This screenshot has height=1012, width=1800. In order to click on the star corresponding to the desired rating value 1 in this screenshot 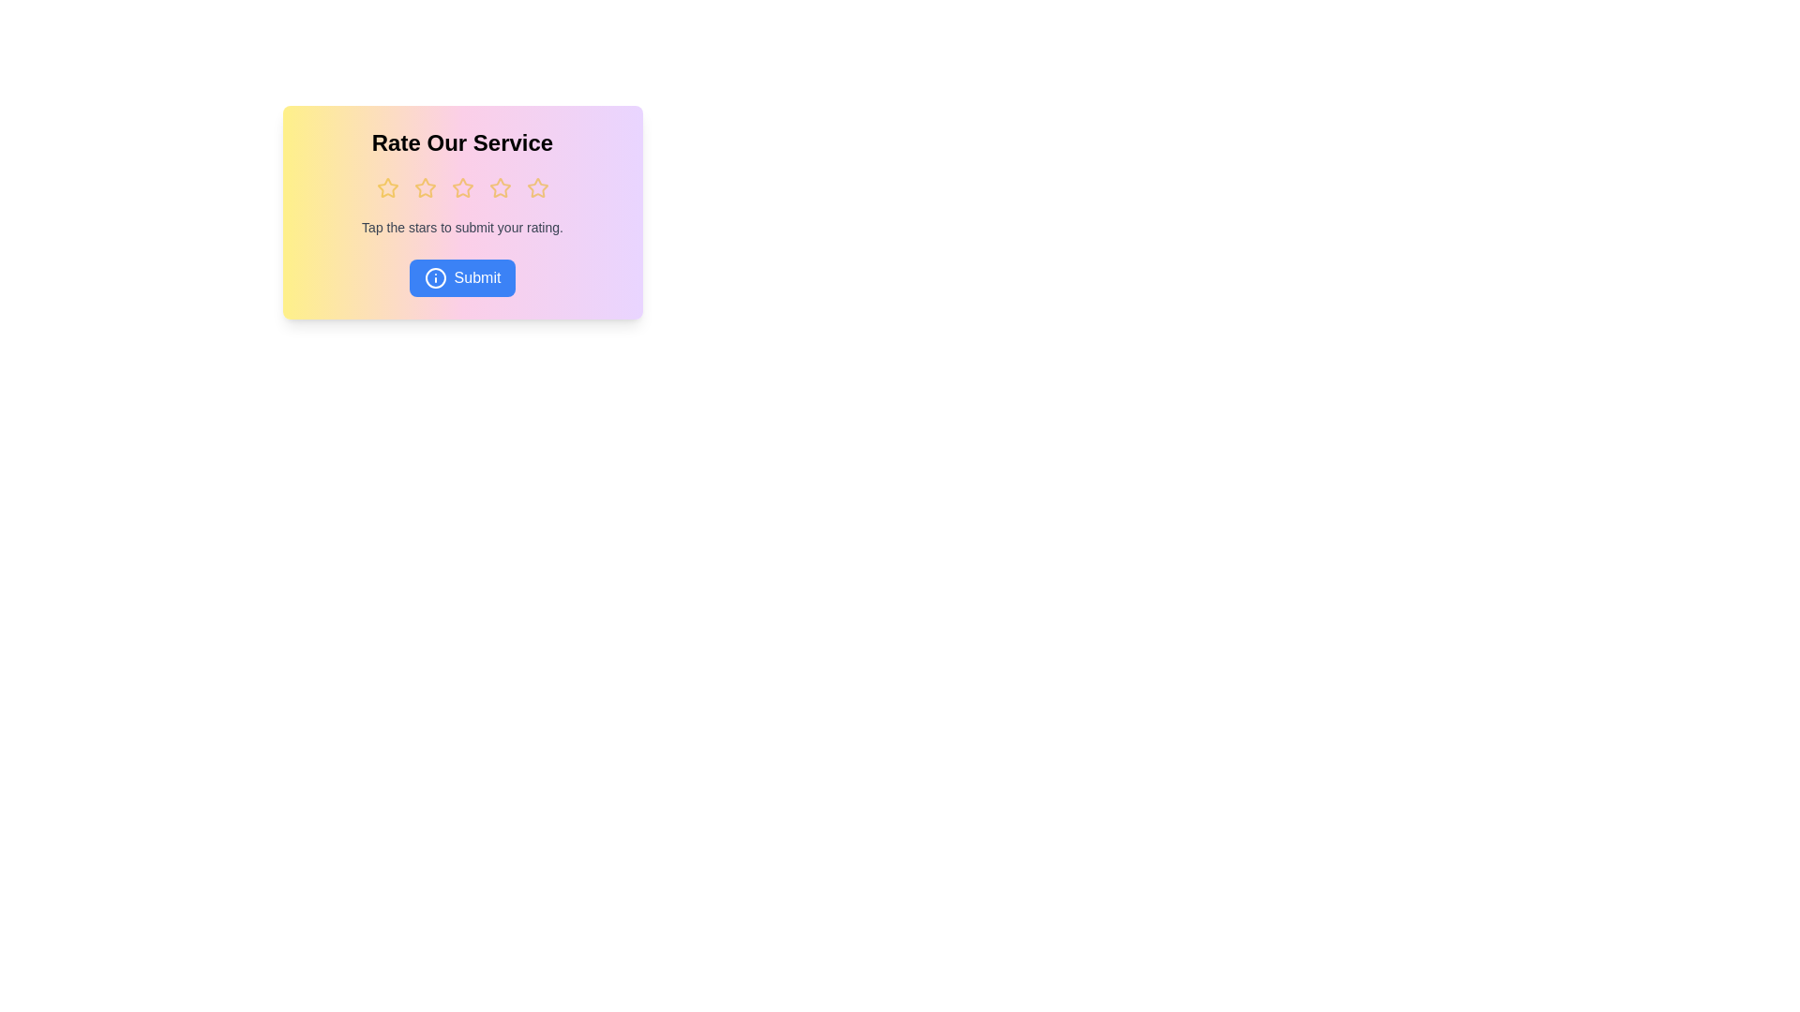, I will do `click(386, 187)`.